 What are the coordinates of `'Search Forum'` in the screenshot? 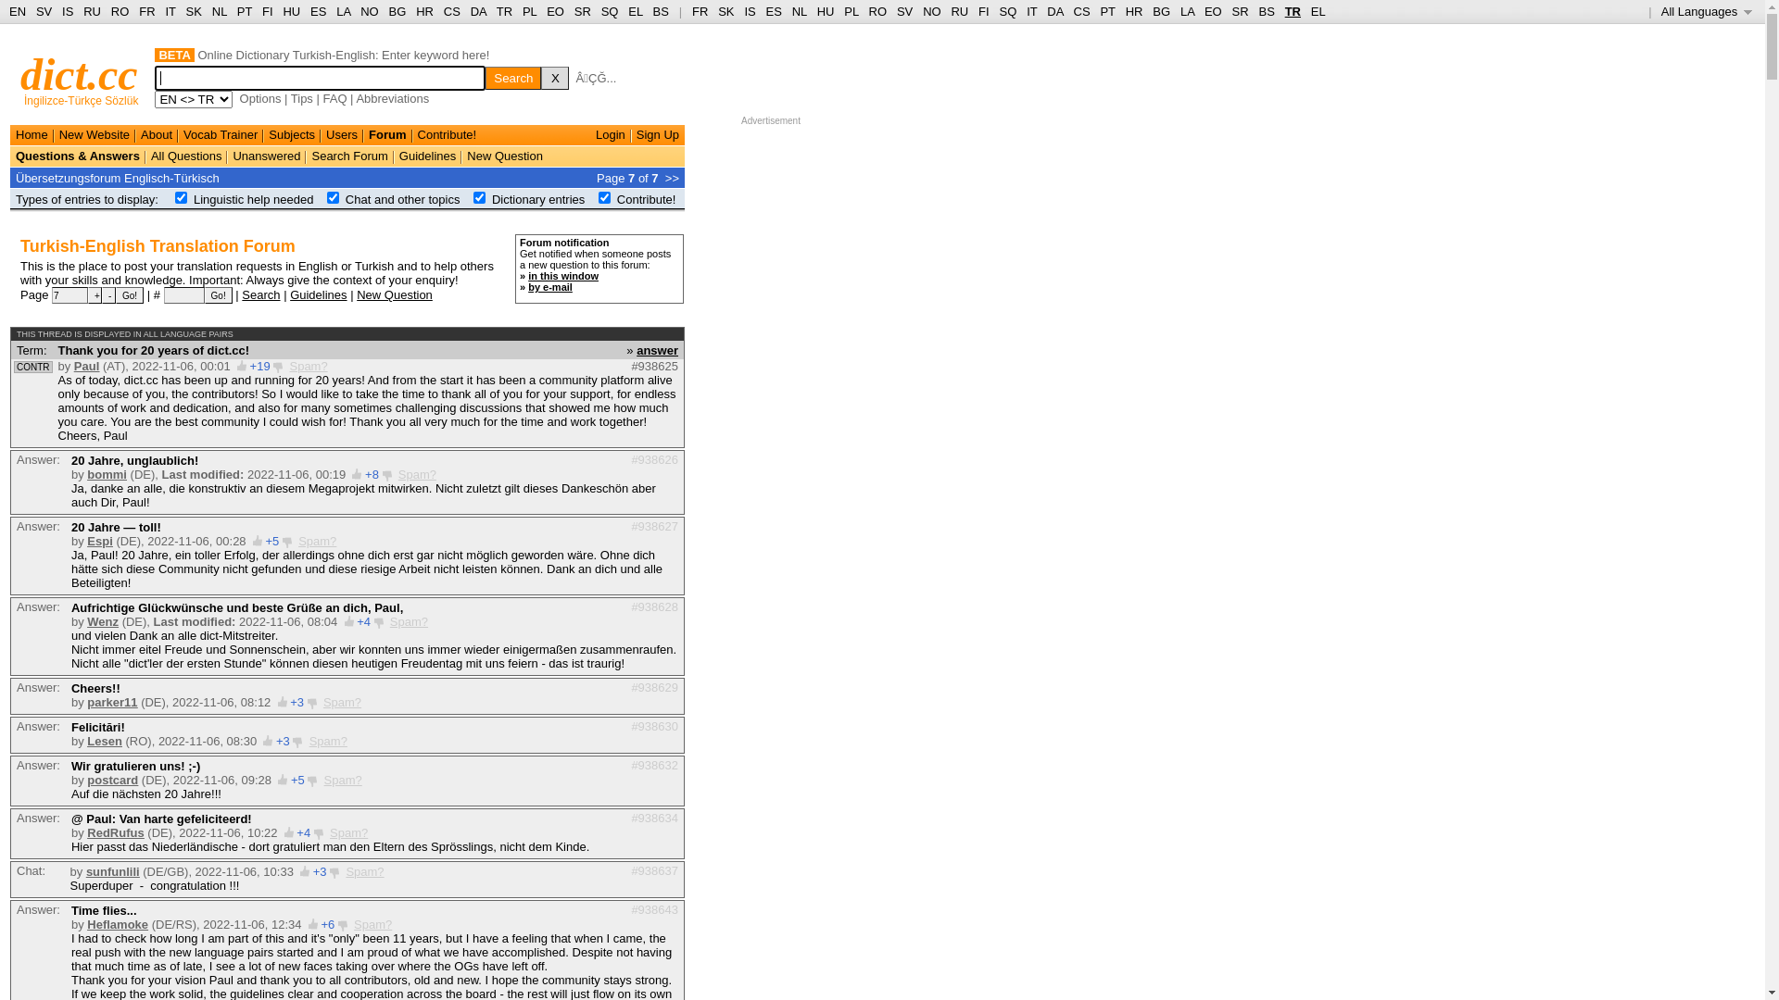 It's located at (349, 155).